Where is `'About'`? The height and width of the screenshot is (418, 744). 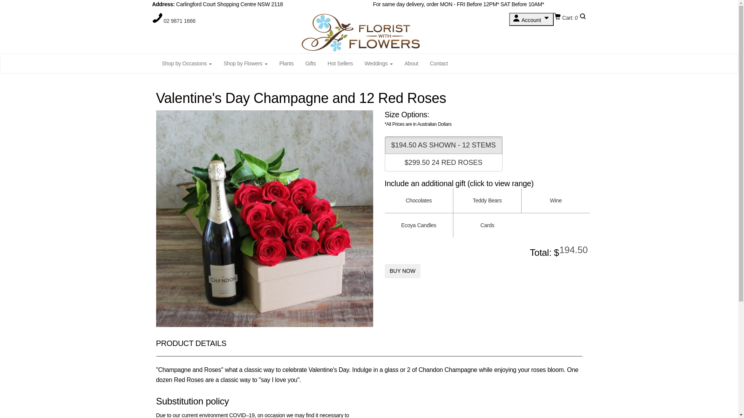
'About' is located at coordinates (411, 63).